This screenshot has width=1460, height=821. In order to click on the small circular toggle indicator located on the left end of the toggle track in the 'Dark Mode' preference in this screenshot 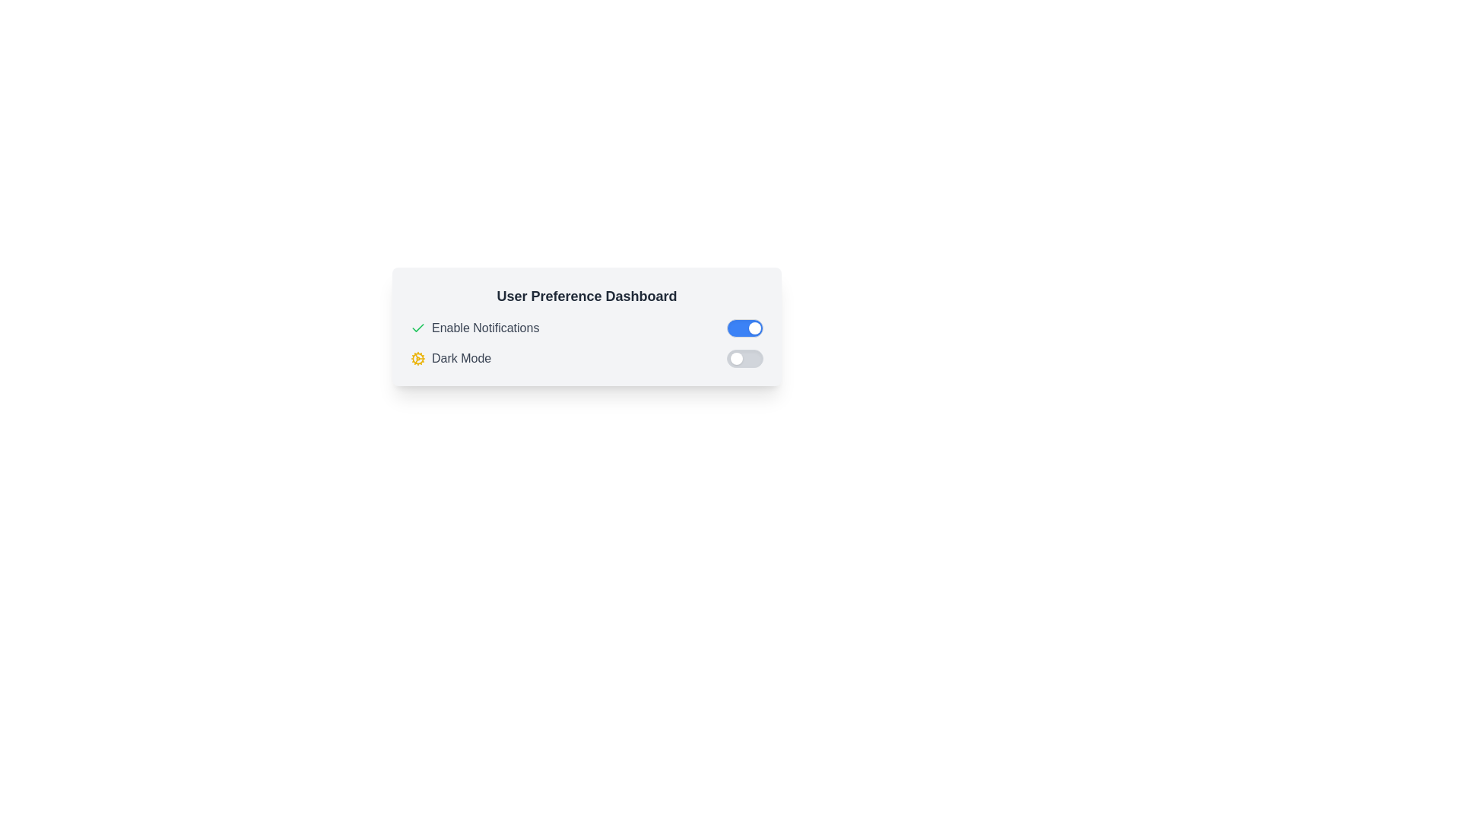, I will do `click(737, 358)`.